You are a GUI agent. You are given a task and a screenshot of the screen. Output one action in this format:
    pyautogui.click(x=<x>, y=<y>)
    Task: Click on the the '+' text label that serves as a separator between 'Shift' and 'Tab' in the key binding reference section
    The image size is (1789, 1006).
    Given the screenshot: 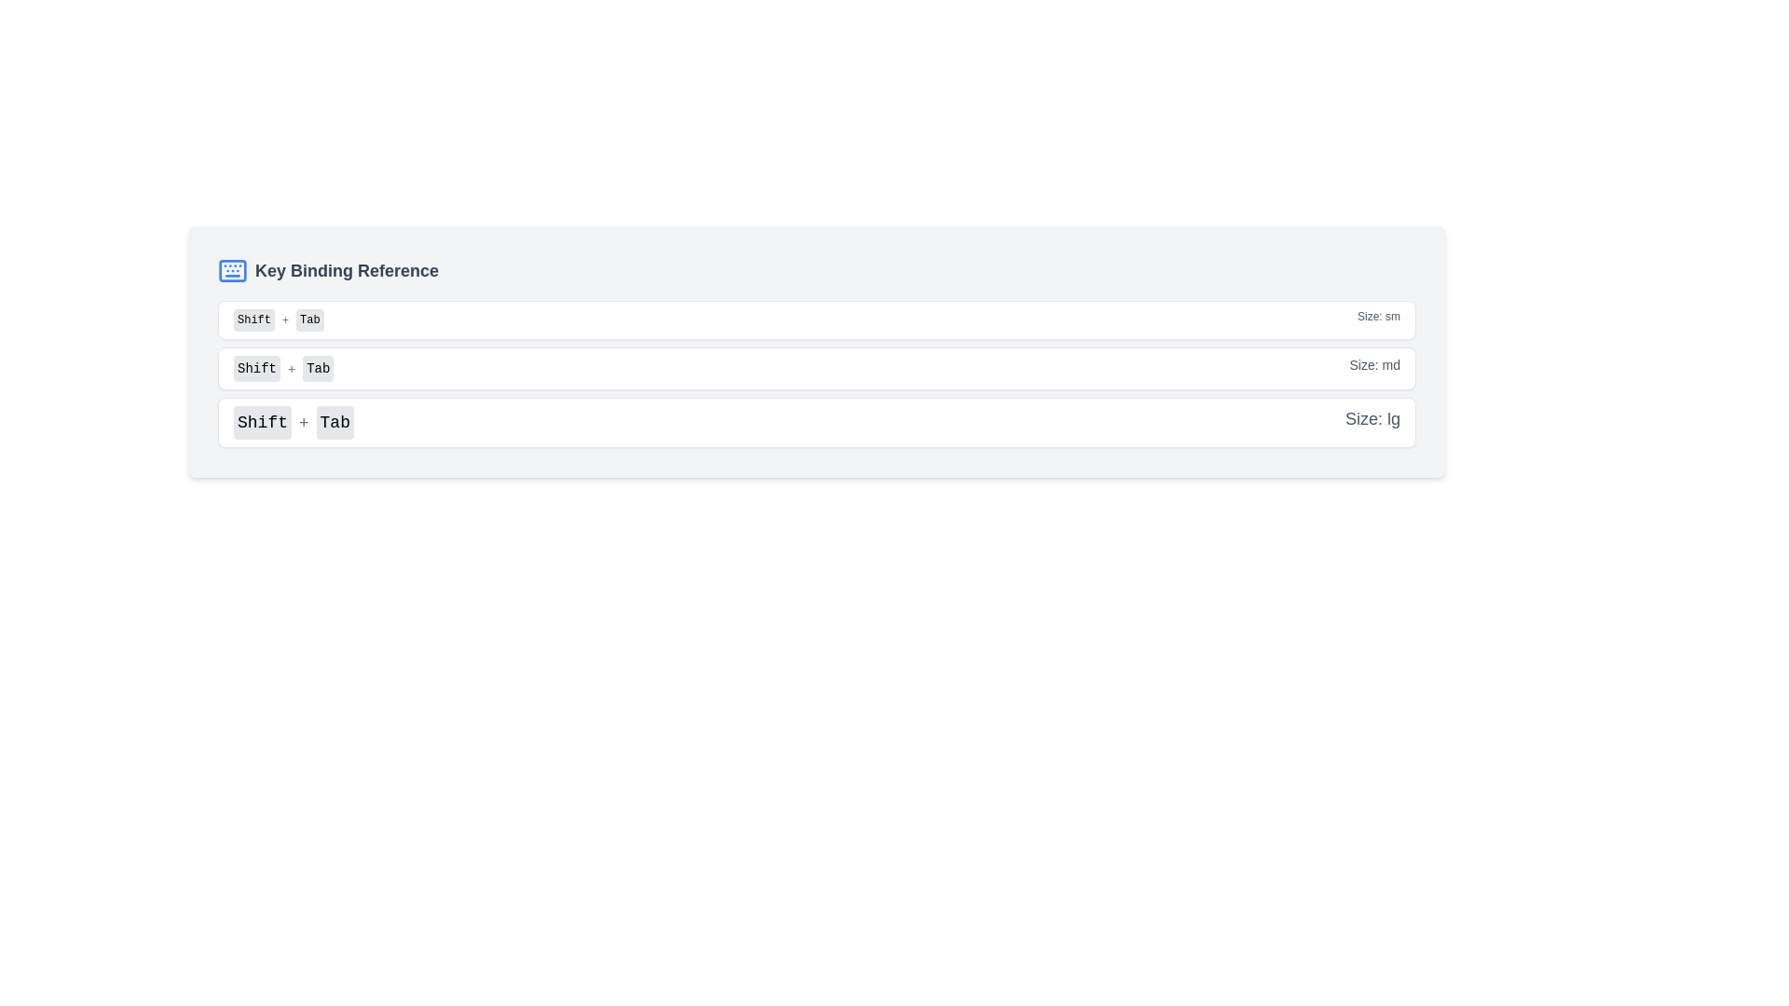 What is the action you would take?
    pyautogui.click(x=291, y=369)
    